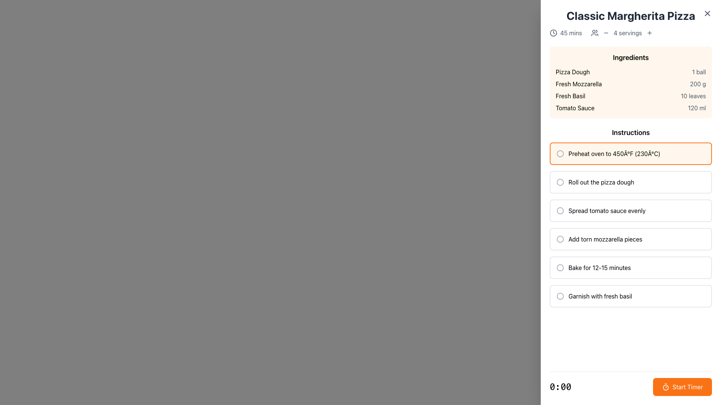 The image size is (721, 405). Describe the element at coordinates (560, 296) in the screenshot. I see `the Circle icon, which serves as a visual indicator for the step status, located at the leftmost position of the line containing the text 'Garnish with fresh basil'` at that location.